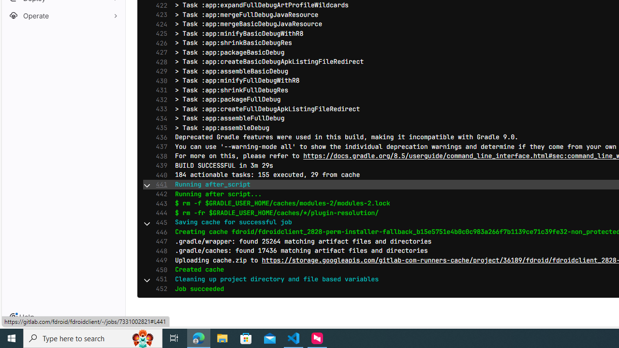  Describe the element at coordinates (63, 15) in the screenshot. I see `'Operate'` at that location.